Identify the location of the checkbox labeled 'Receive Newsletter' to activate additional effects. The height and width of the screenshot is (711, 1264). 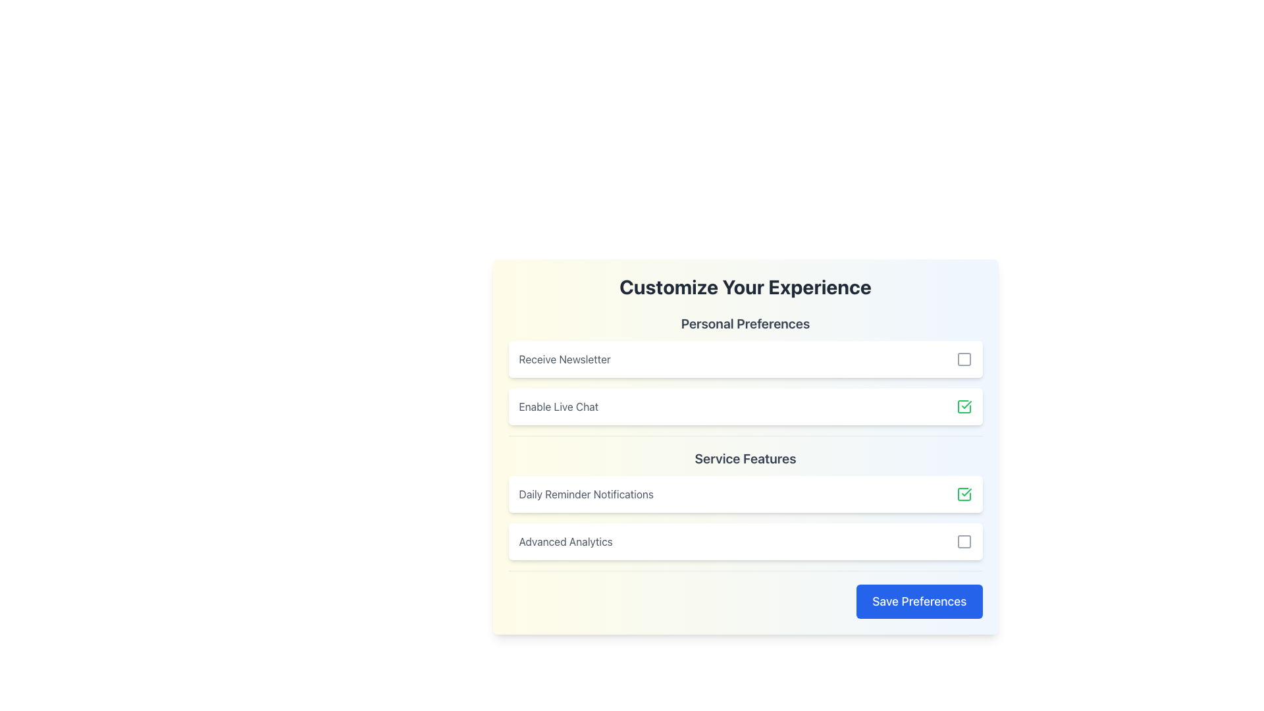
(745, 359).